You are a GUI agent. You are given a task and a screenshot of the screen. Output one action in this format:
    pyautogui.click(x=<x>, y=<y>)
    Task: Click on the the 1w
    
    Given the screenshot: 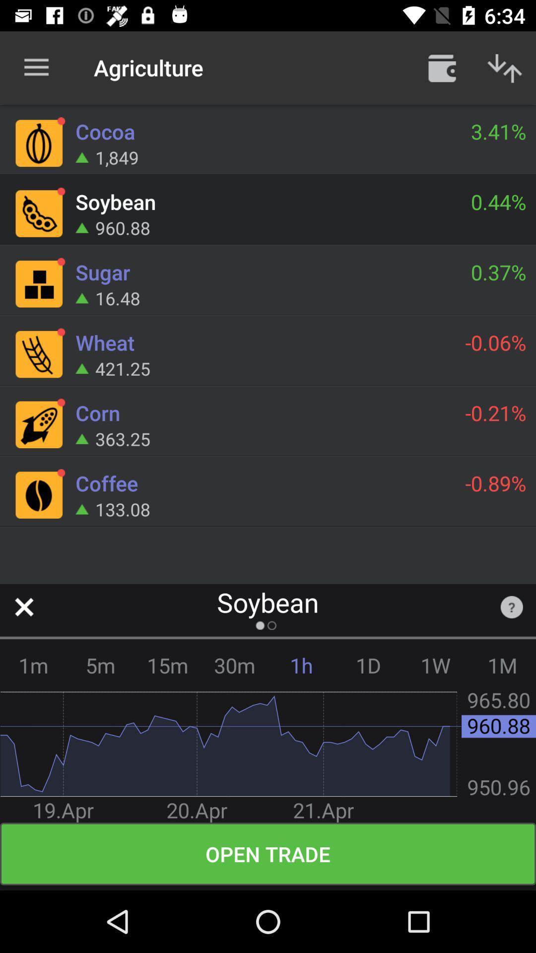 What is the action you would take?
    pyautogui.click(x=435, y=665)
    